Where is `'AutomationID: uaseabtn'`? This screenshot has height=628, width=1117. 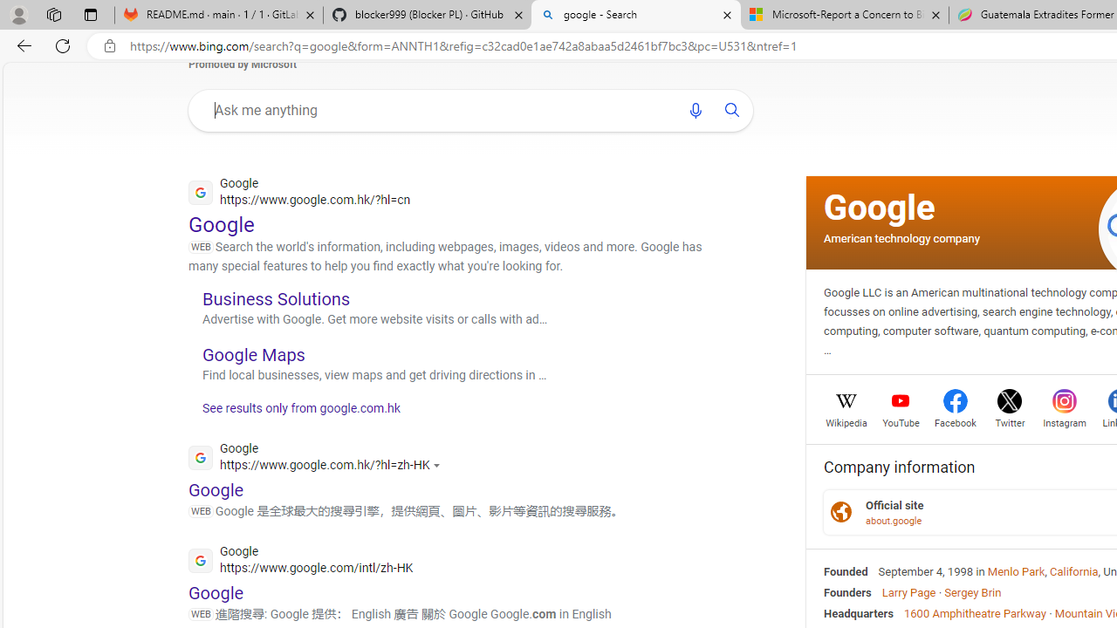
'AutomationID: uaseabtn' is located at coordinates (732, 110).